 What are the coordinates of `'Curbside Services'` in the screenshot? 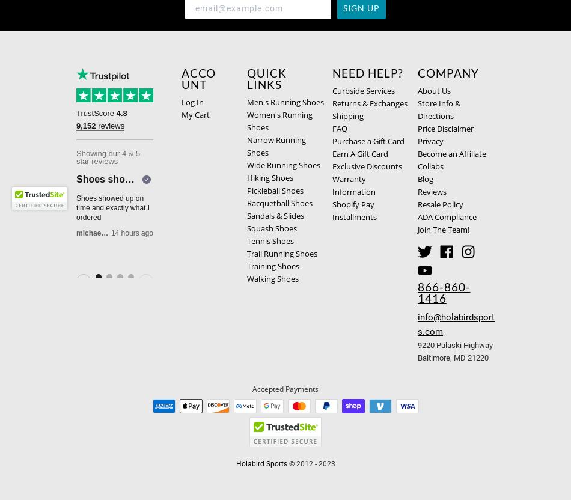 It's located at (363, 91).